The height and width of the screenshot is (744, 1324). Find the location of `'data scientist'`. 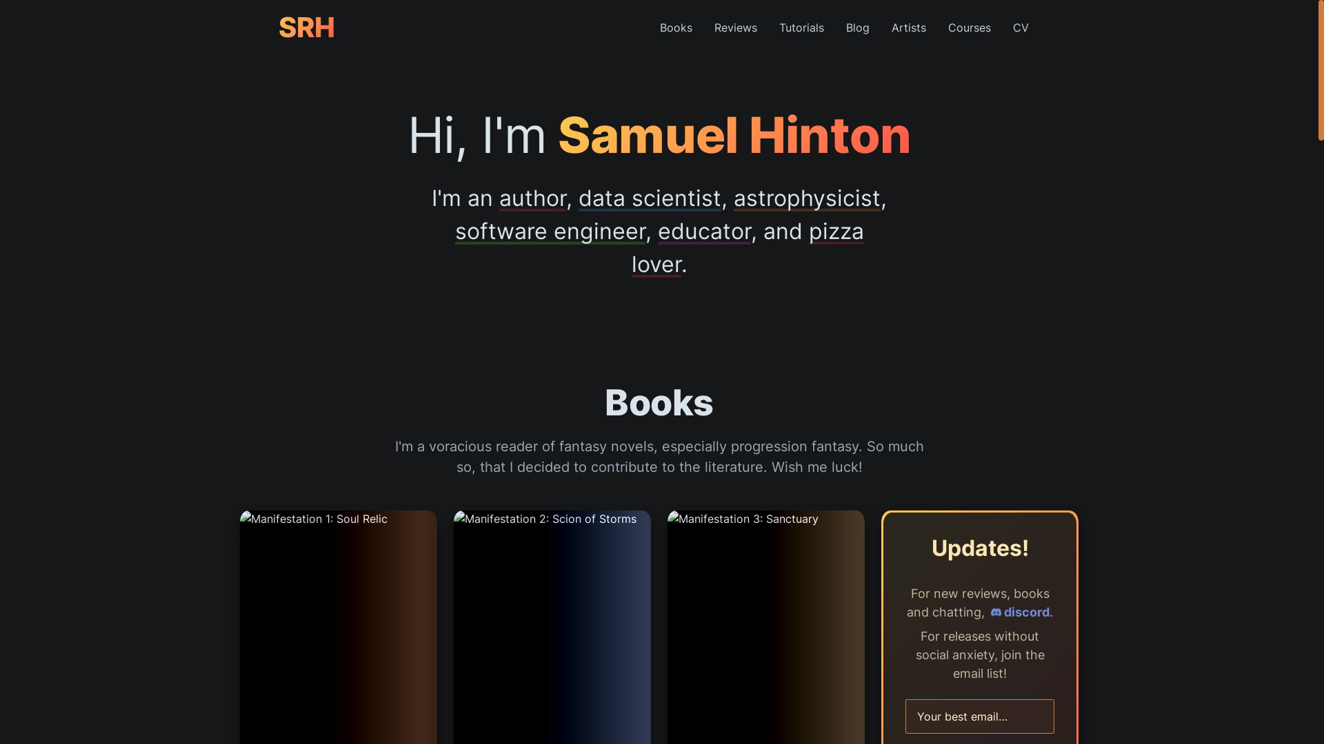

'data scientist' is located at coordinates (649, 198).